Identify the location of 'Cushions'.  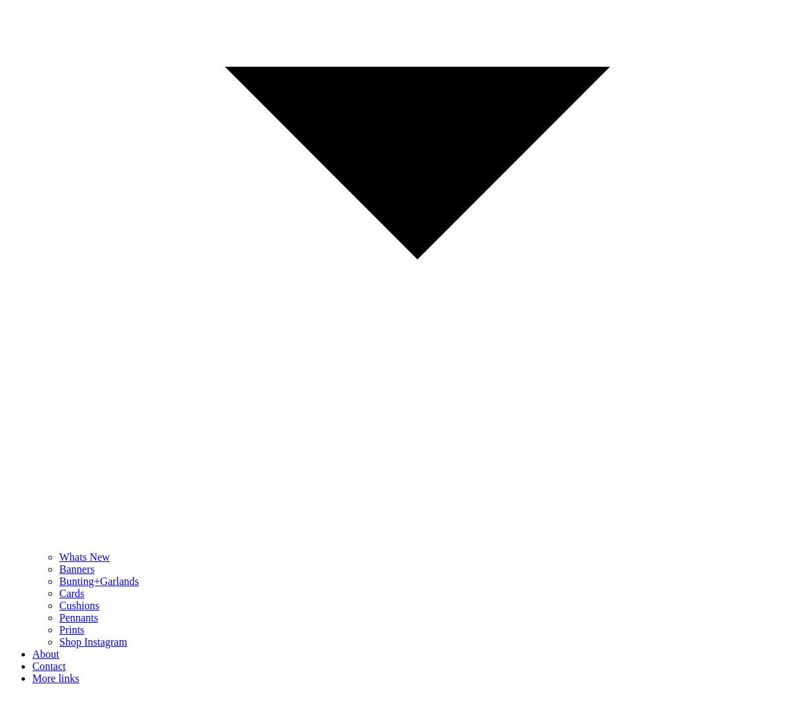
(79, 605).